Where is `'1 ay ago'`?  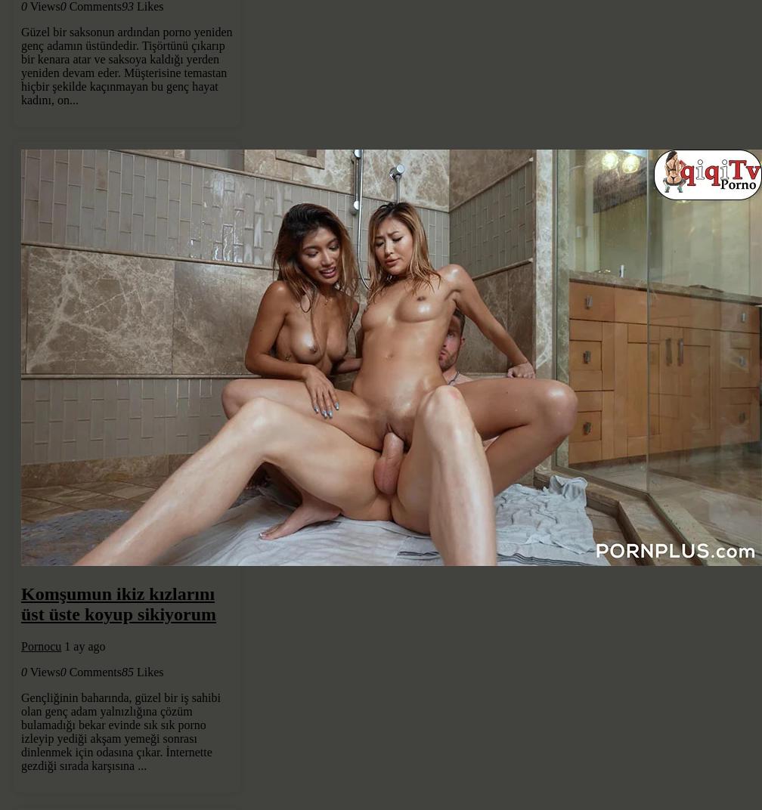 '1 ay ago' is located at coordinates (84, 645).